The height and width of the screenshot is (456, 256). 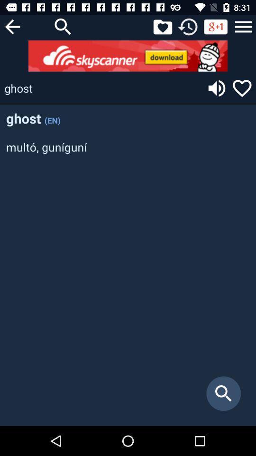 What do you see at coordinates (162, 26) in the screenshot?
I see `the favorite icon` at bounding box center [162, 26].